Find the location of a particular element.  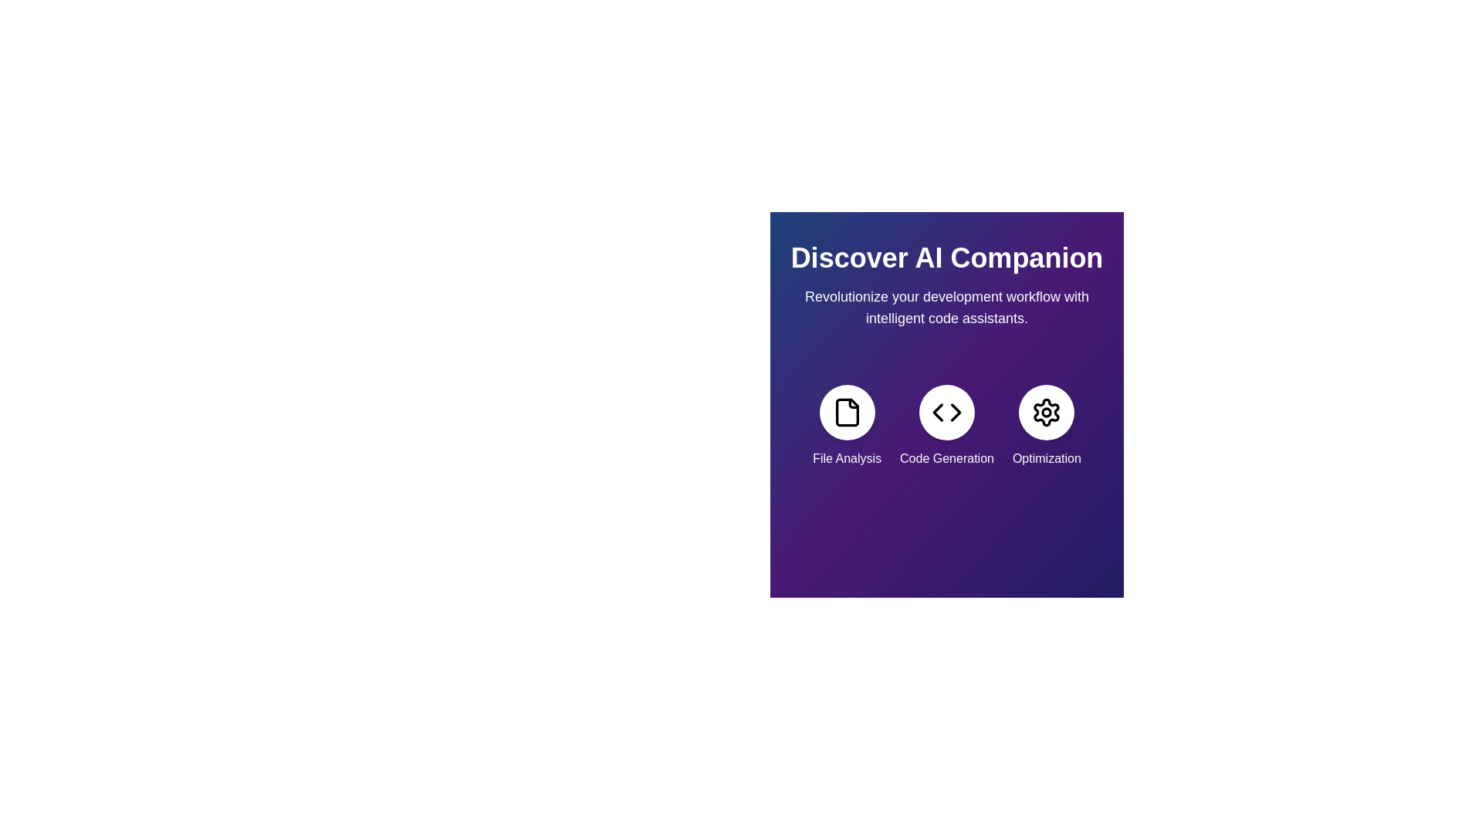

the 'File Analysis' icon with text label is located at coordinates (846, 426).